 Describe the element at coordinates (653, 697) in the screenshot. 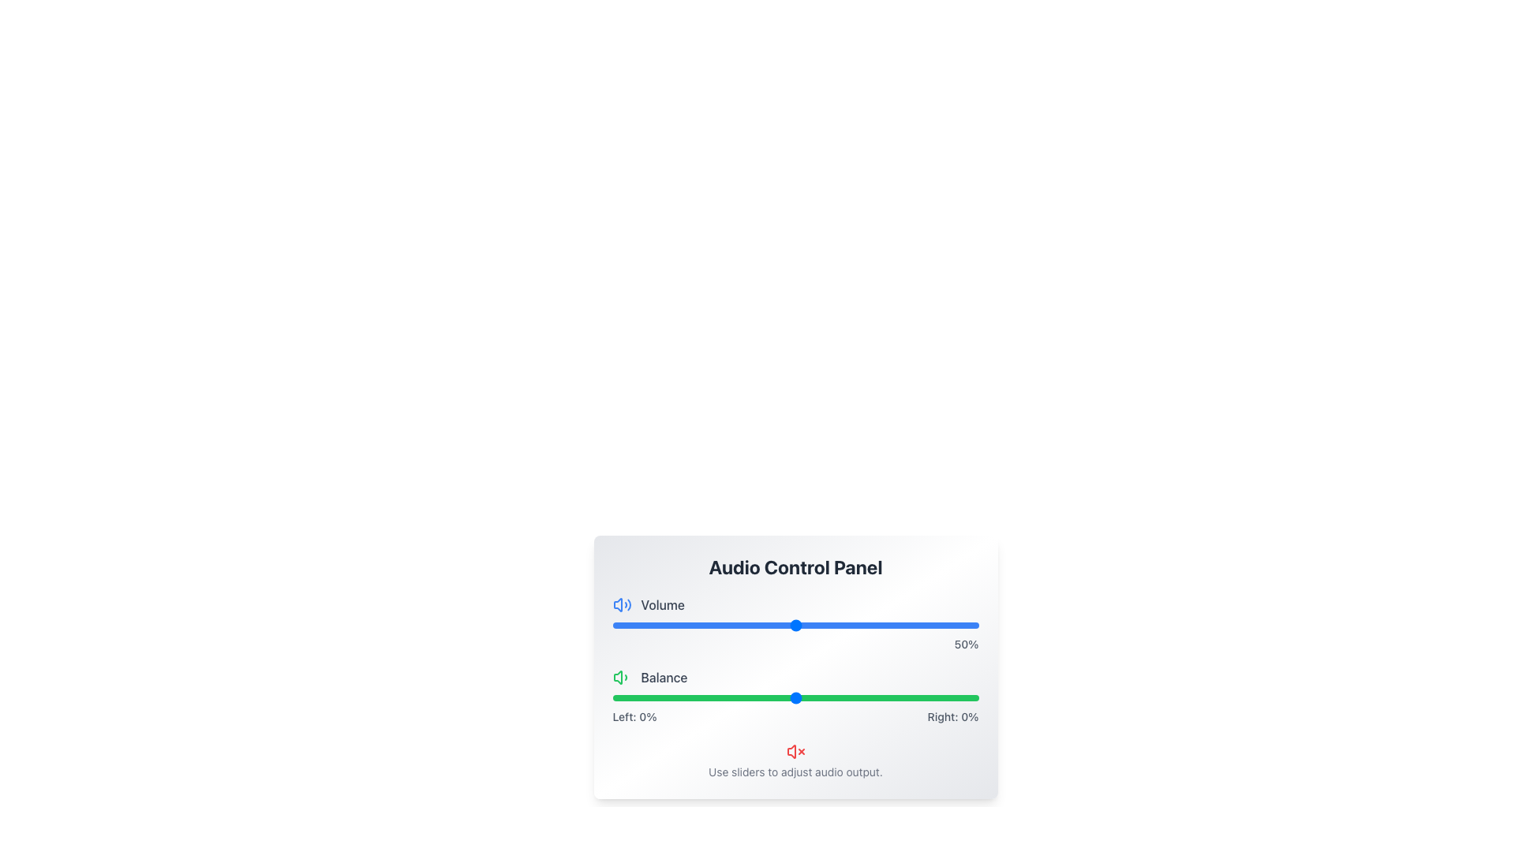

I see `the balance` at that location.